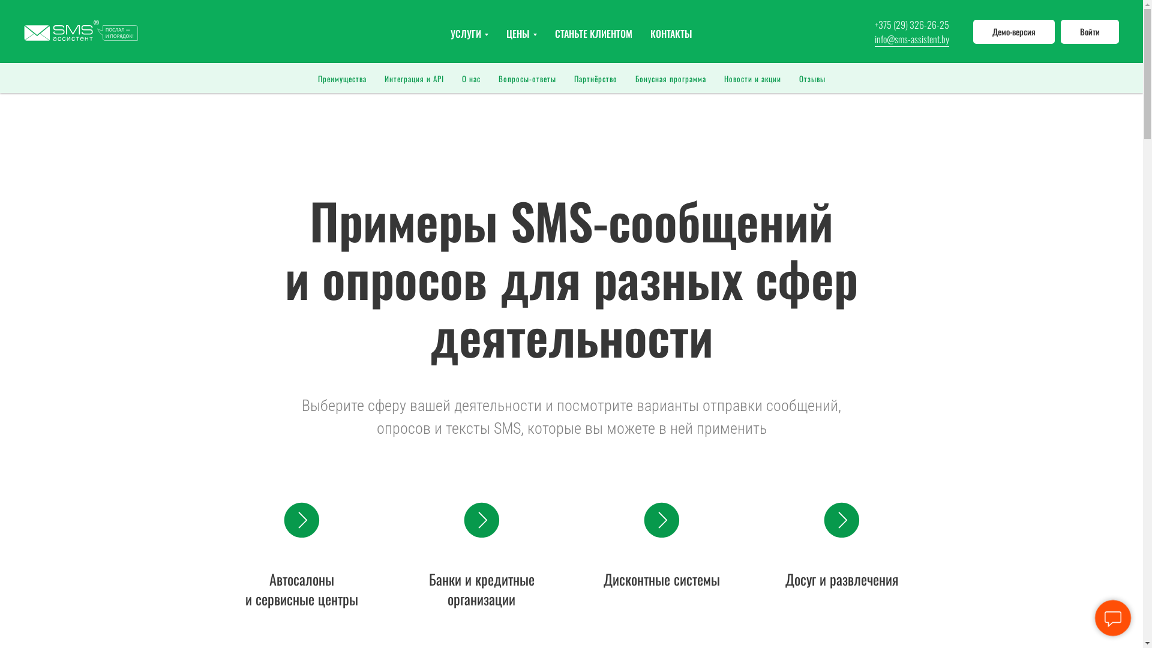  Describe the element at coordinates (912, 38) in the screenshot. I see `'info@sms-assistent.by'` at that location.